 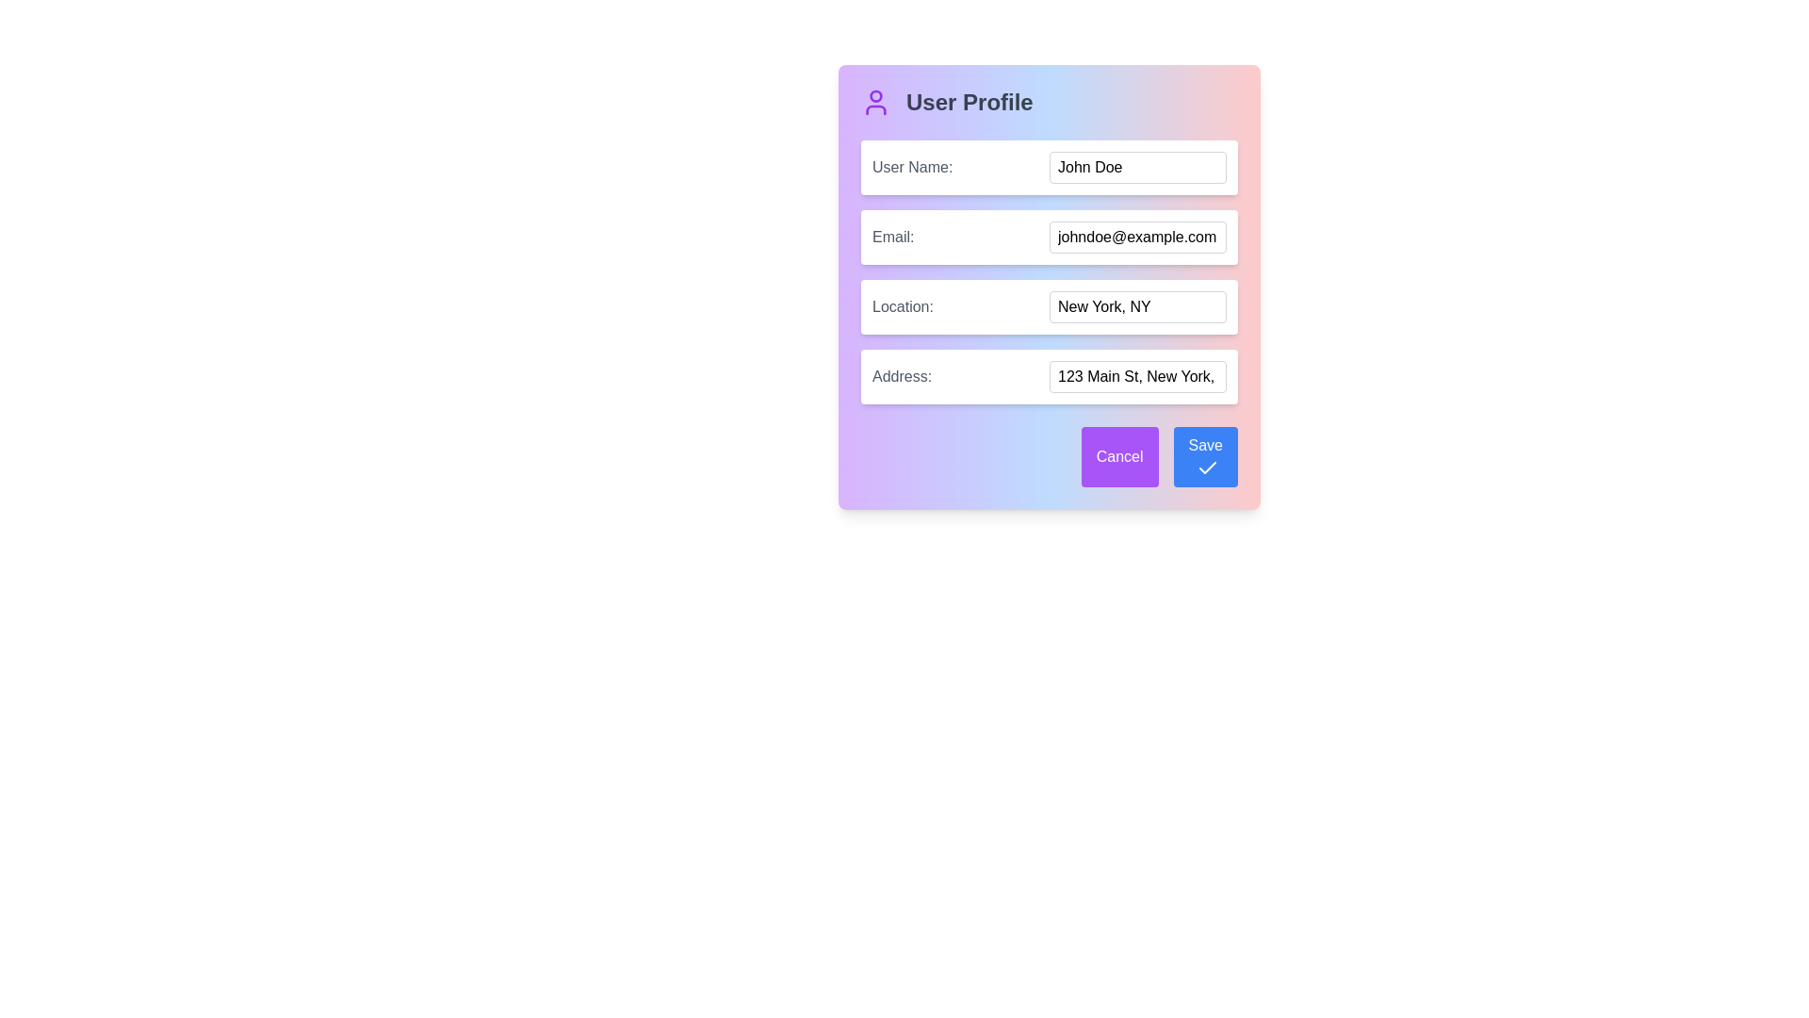 I want to click on within the input fields of the user profile form section, so click(x=1048, y=272).